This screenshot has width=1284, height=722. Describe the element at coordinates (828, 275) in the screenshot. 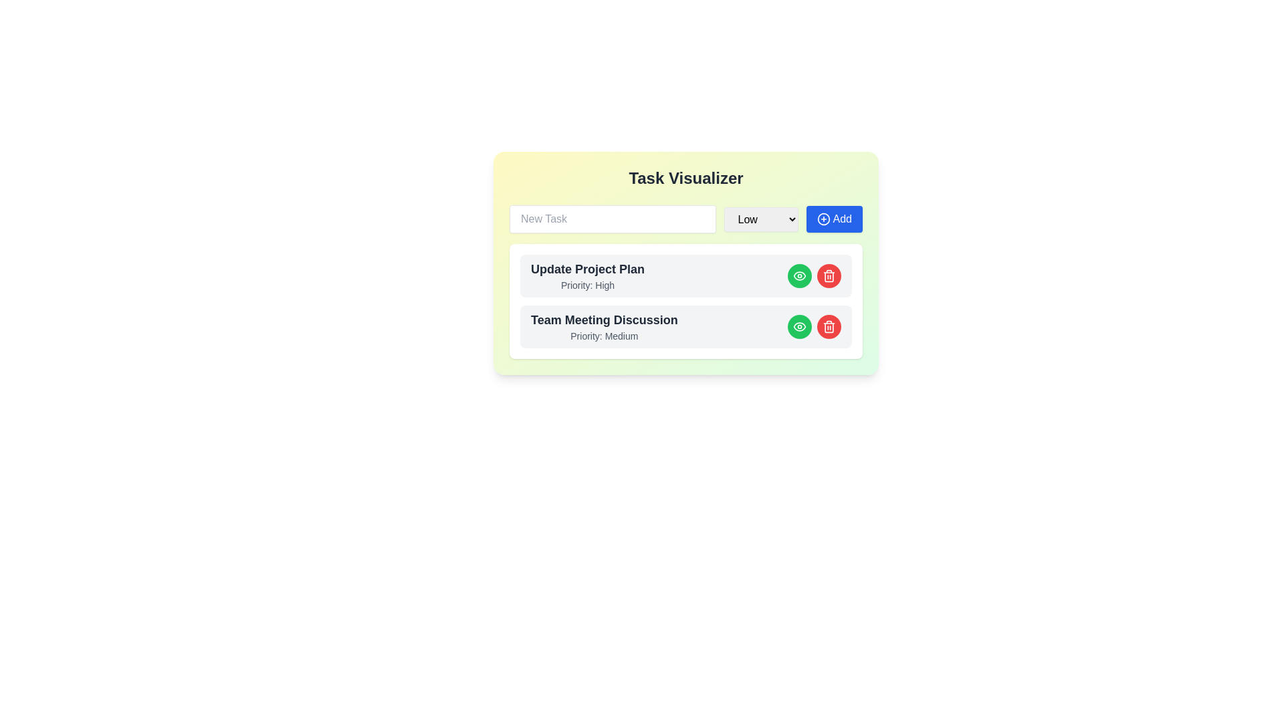

I see `the delete button located to the right of the task titled 'Update Project Plan'` at that location.